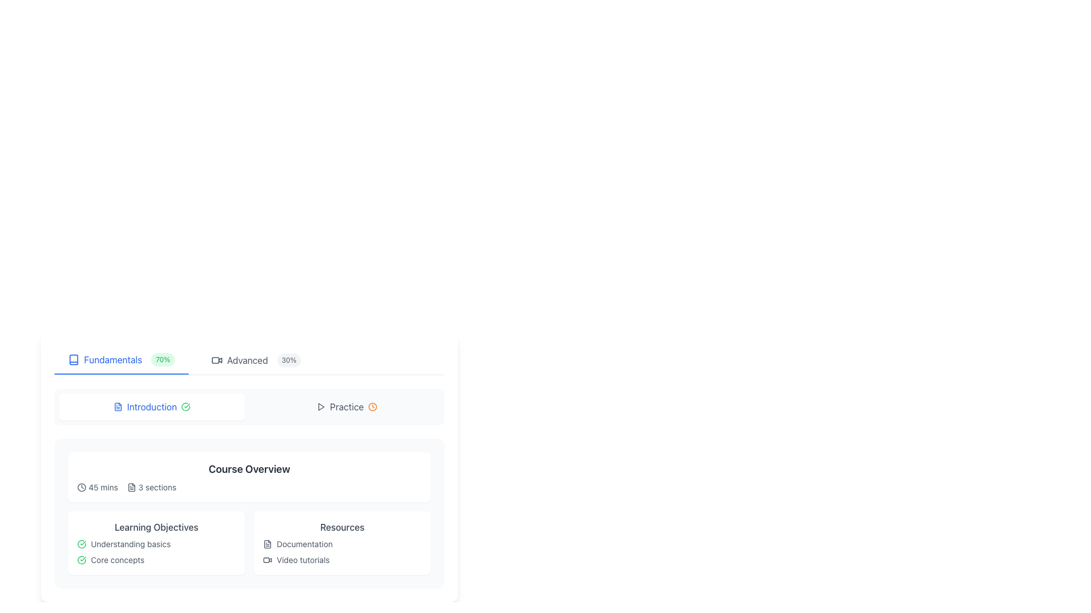 This screenshot has height=613, width=1091. Describe the element at coordinates (248, 514) in the screenshot. I see `the organized display section for course objectives and resources located under the 'Course Overview' section` at that location.